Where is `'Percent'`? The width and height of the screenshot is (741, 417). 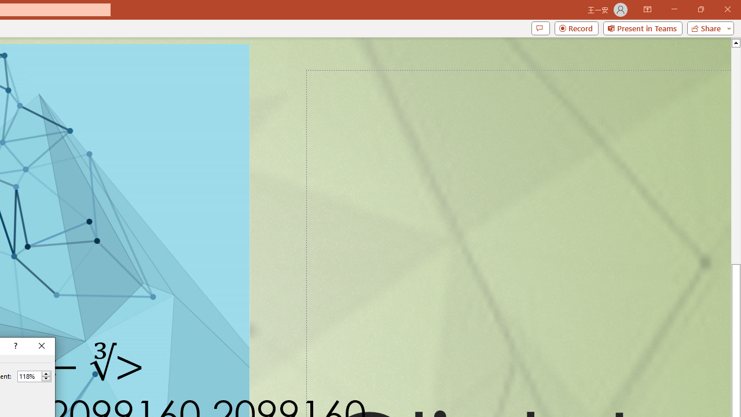
'Percent' is located at coordinates (34, 376).